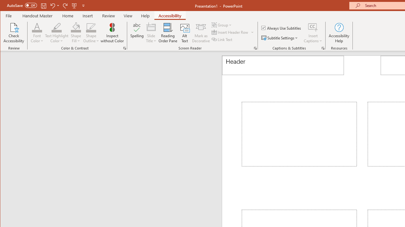 The height and width of the screenshot is (227, 405). I want to click on 'Shape Outline', so click(91, 33).